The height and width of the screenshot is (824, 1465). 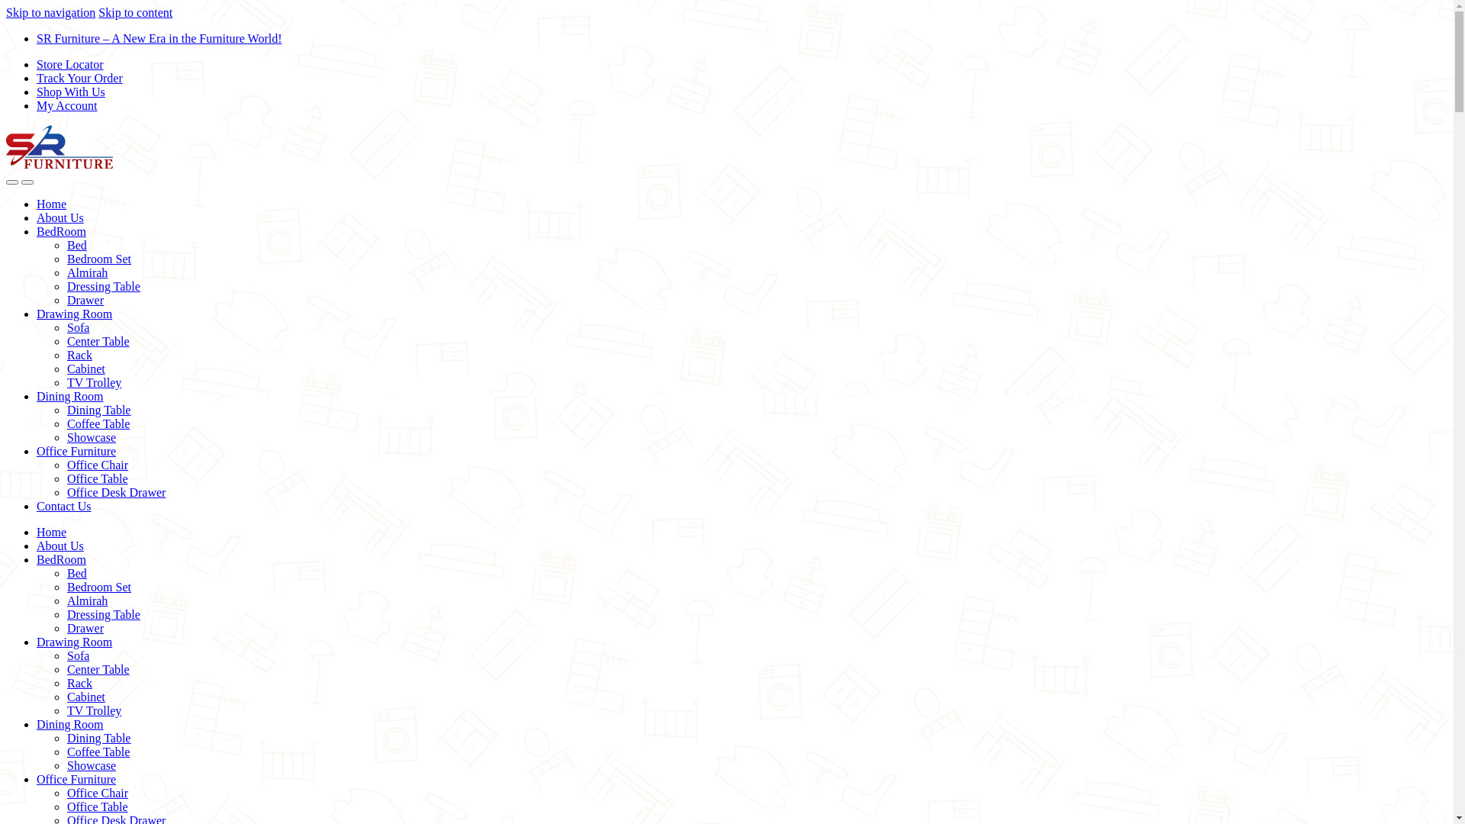 I want to click on 'Office Desk Drawer', so click(x=115, y=492).